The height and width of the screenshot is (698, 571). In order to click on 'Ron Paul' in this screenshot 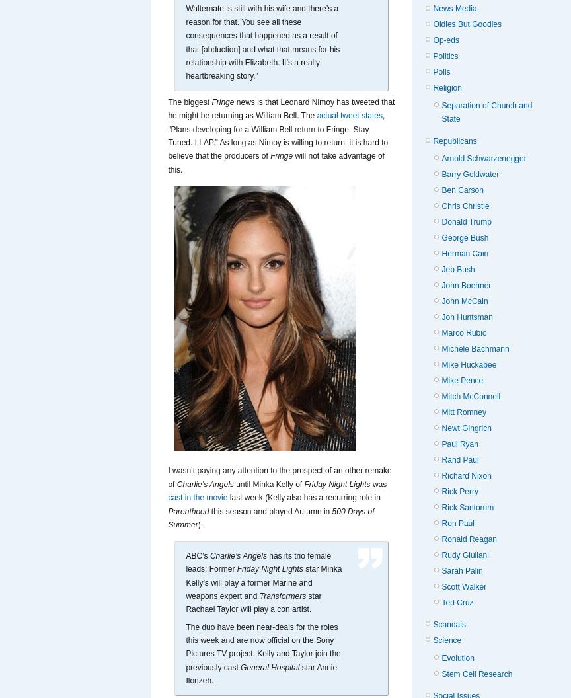, I will do `click(457, 522)`.